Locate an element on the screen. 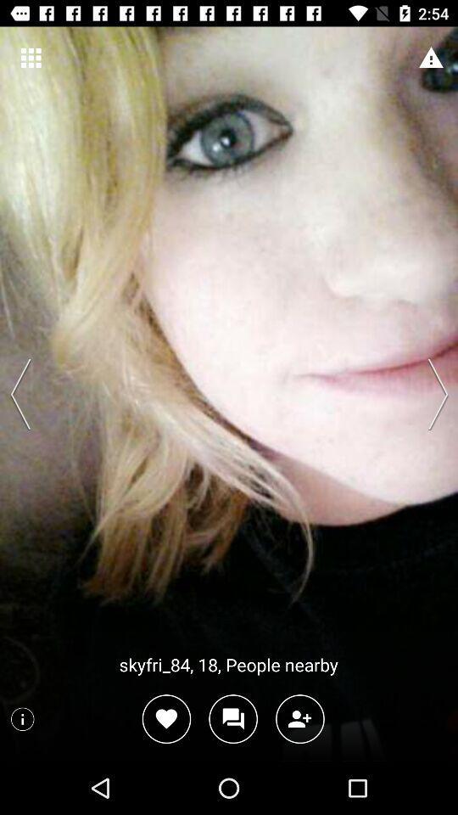 This screenshot has width=458, height=815. to send message is located at coordinates (232, 718).